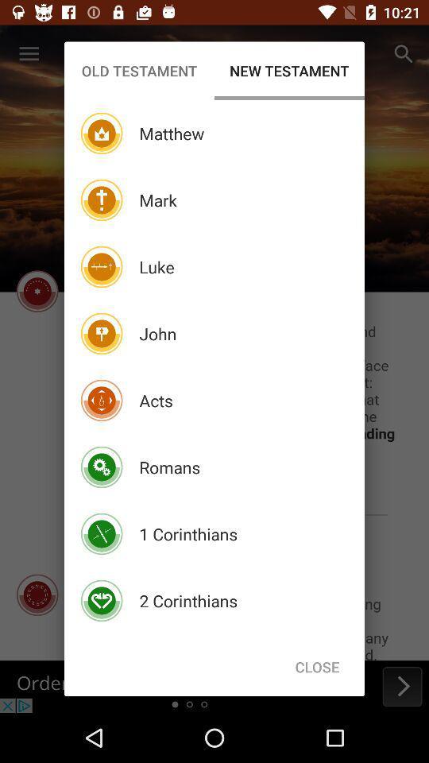 The height and width of the screenshot is (763, 429). What do you see at coordinates (317, 667) in the screenshot?
I see `icon at the bottom right corner` at bounding box center [317, 667].